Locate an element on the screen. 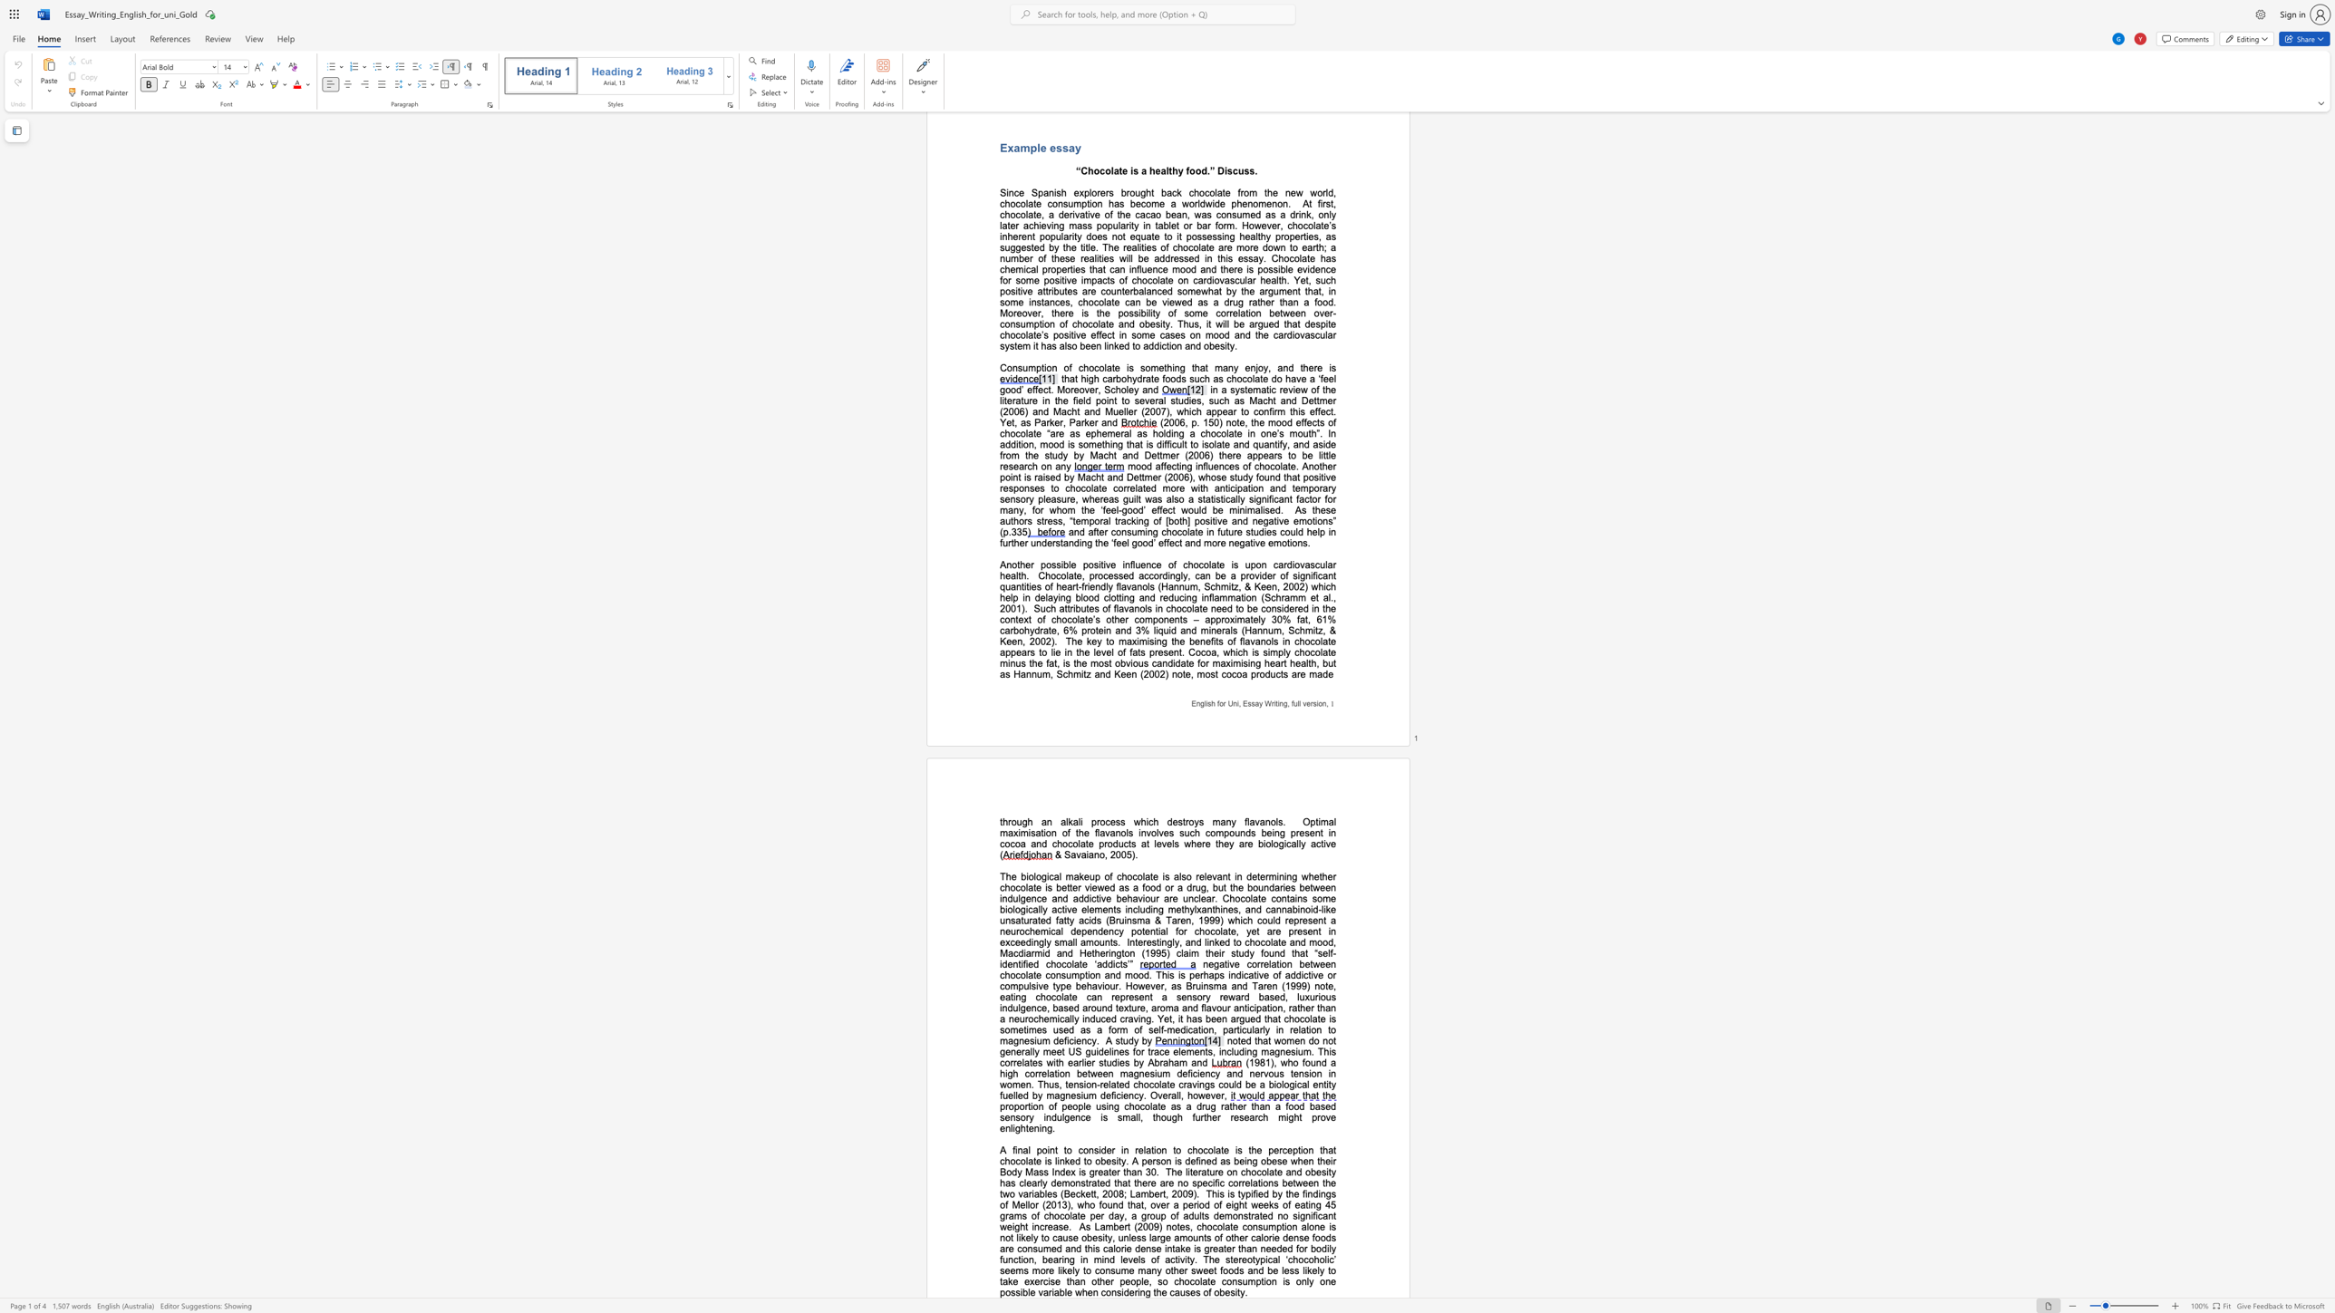 The image size is (2335, 1313). the subset text "han needed for bodily function, bearing in mind levels of activity. The stereotypical ‘chocoholic’ seems more likely to consume many other sweet foods and be less likely to take exercise than other people, so chocolat" within the text "of other calorie dense foods are consumed and this calorie dense intake is greater than needed for bodily function, bearing in mind levels of activity. The stereotypical ‘chocoholic’ seems more likely to consume many other sweet foods and be less likely to take exercise than other people, so chocolate consumption is only one possible variable when considering the causes of obesity." is located at coordinates (1240, 1248).